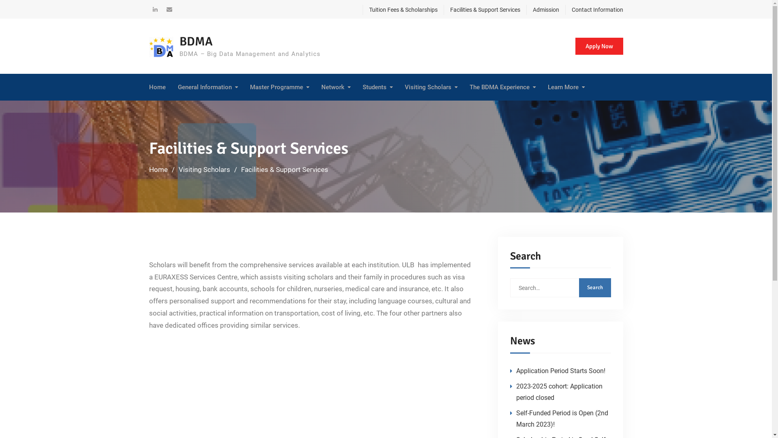 The width and height of the screenshot is (778, 438). I want to click on 'Master Programme', so click(279, 87).